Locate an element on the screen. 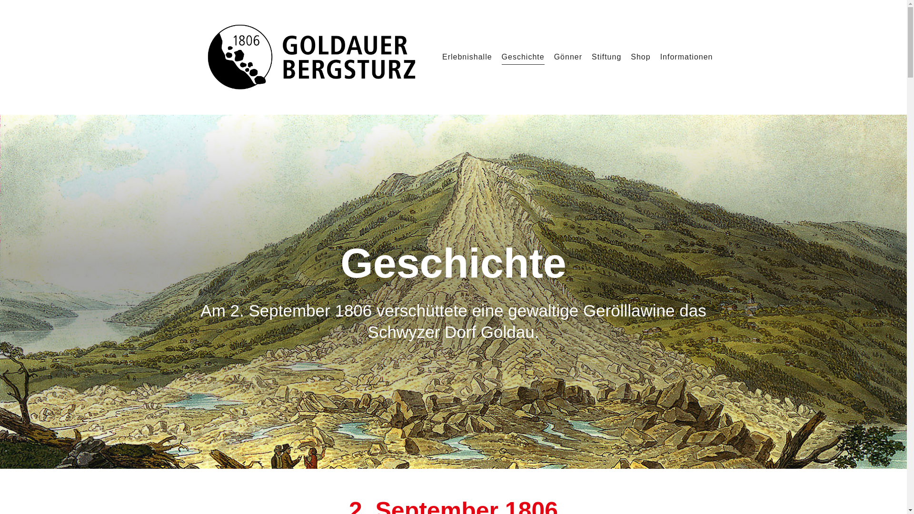 The height and width of the screenshot is (514, 914). 'Erlebnishalle' is located at coordinates (467, 57).